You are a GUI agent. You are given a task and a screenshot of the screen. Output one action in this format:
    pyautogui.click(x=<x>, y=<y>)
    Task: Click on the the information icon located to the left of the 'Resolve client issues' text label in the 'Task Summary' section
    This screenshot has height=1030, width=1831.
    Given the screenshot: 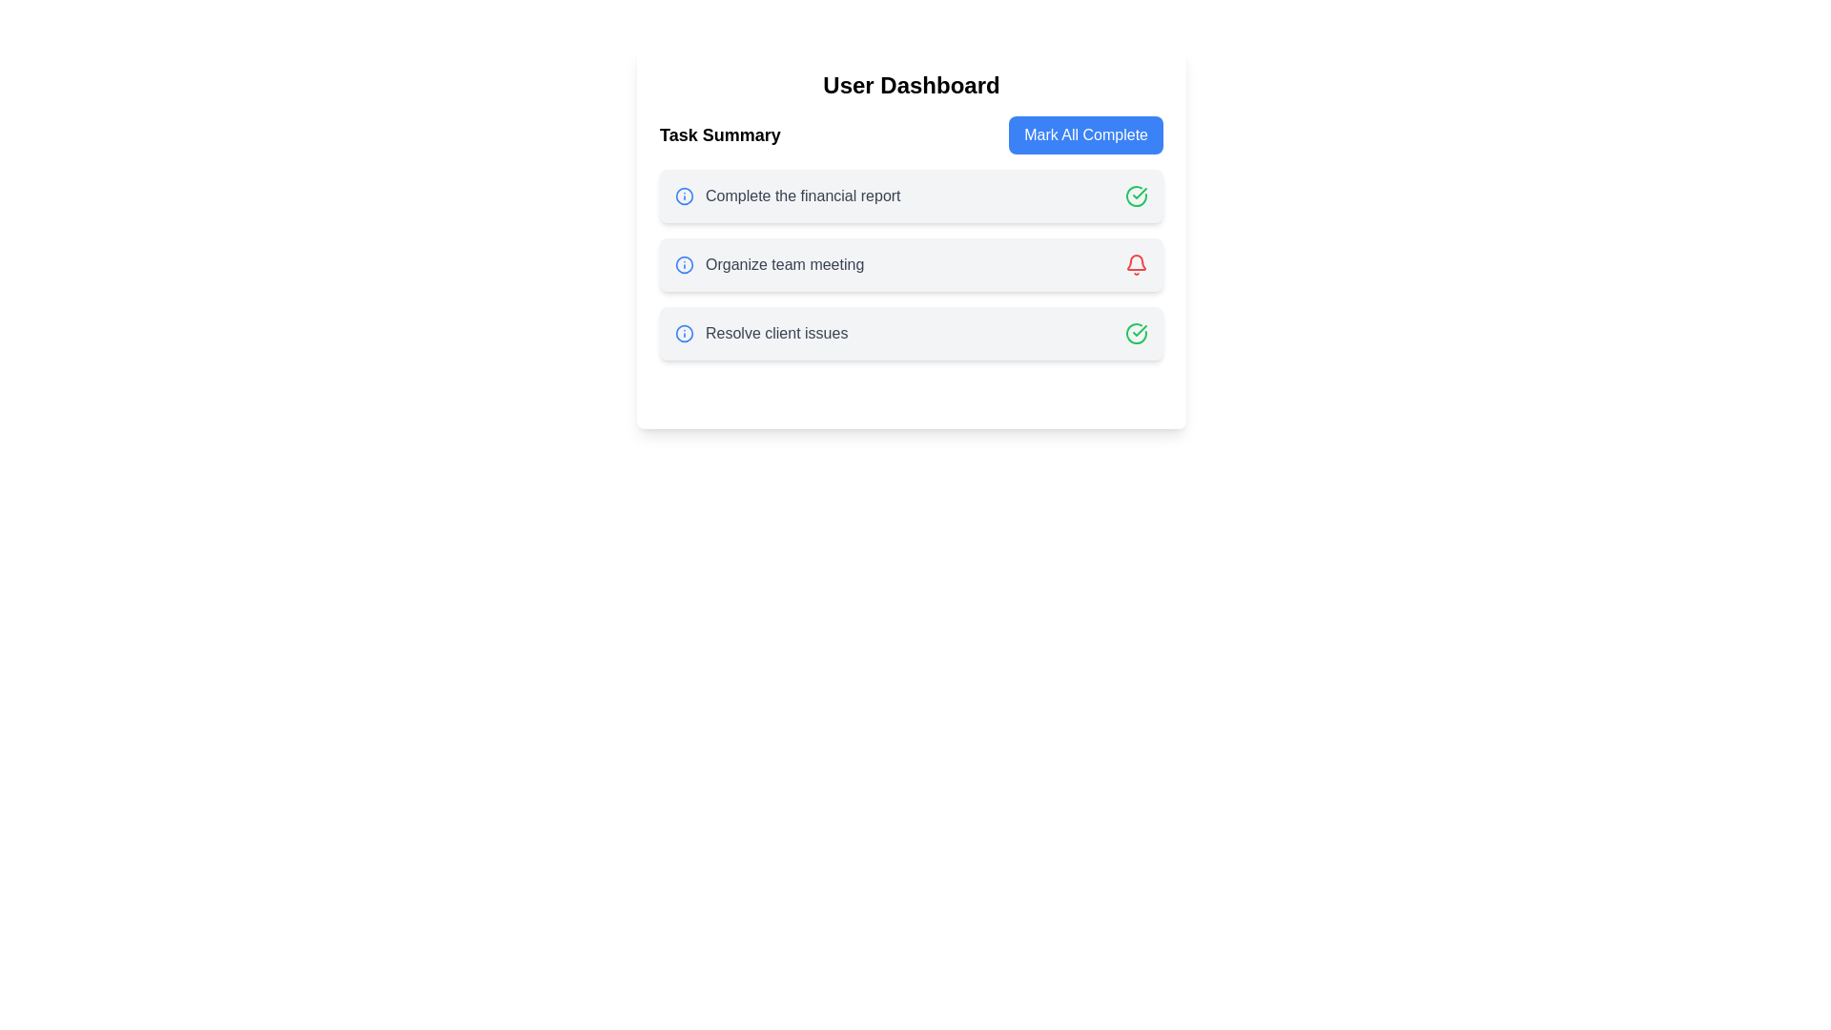 What is the action you would take?
    pyautogui.click(x=685, y=333)
    